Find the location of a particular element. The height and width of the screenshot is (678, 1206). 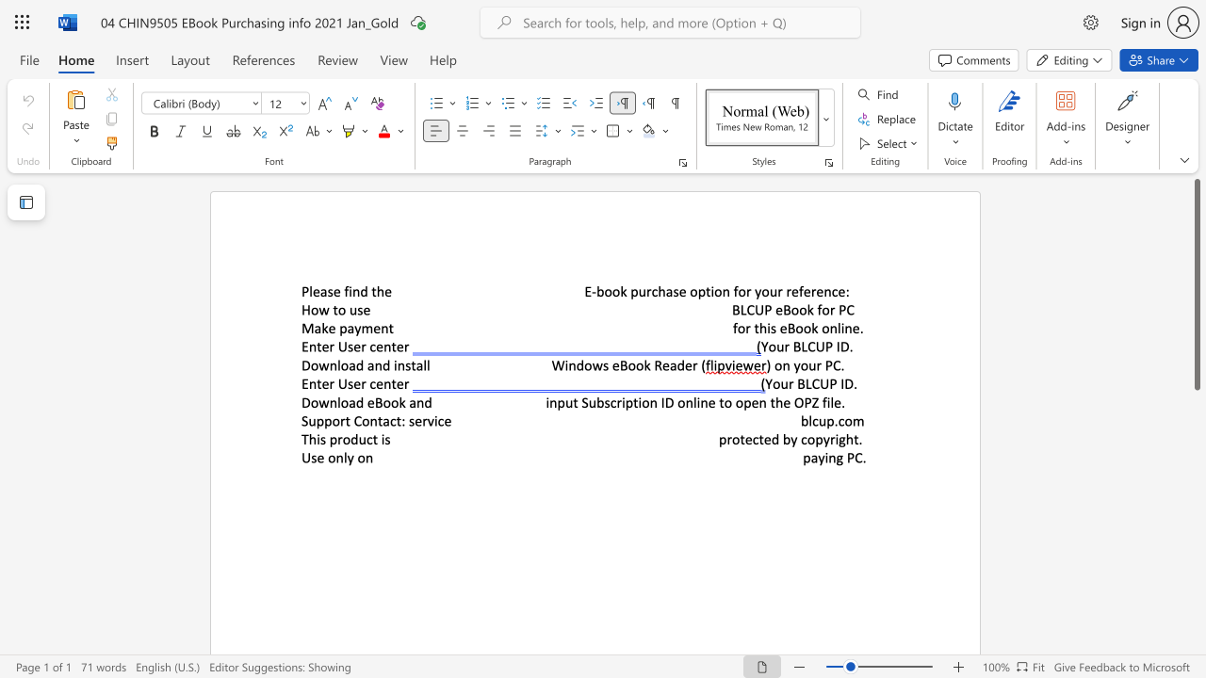

the 2th character "o" in the text is located at coordinates (616, 291).